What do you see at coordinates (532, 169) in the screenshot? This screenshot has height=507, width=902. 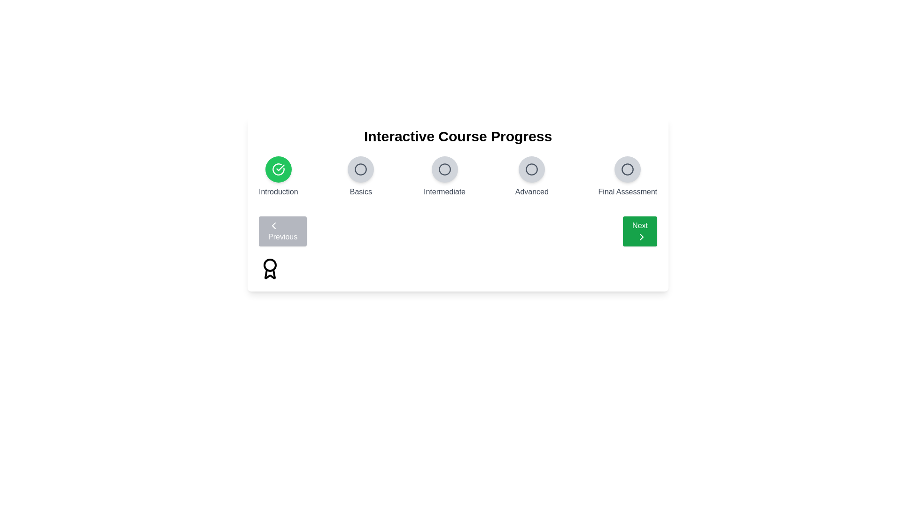 I see `the circular icon with a gray border and white background, which is the third button in the sequence of circular buttons, located between the 'Intermediate' and 'Final Assessment' buttons` at bounding box center [532, 169].